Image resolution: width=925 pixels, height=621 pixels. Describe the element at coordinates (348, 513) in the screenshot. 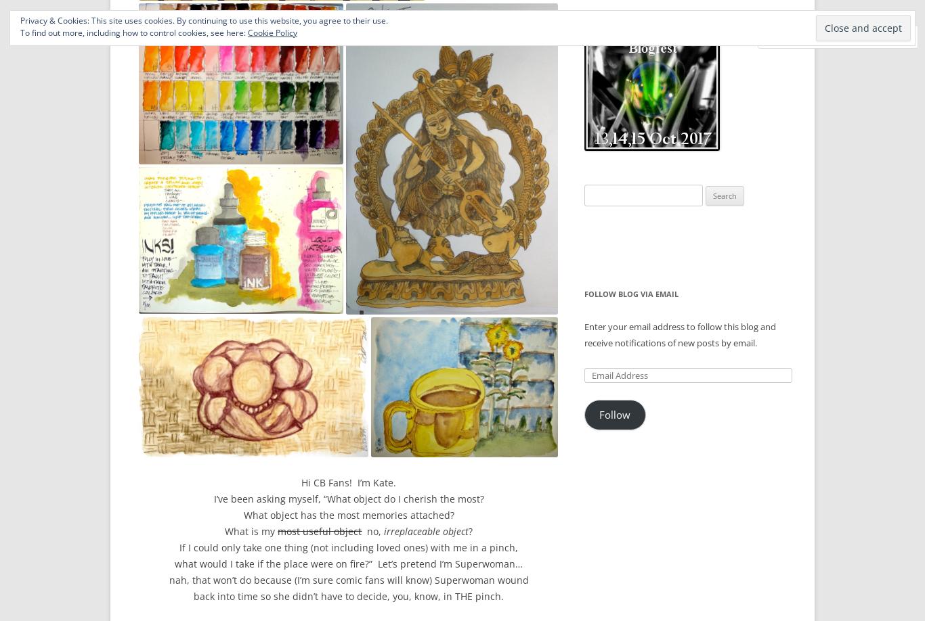

I see `'What object has the most memories attached?'` at that location.